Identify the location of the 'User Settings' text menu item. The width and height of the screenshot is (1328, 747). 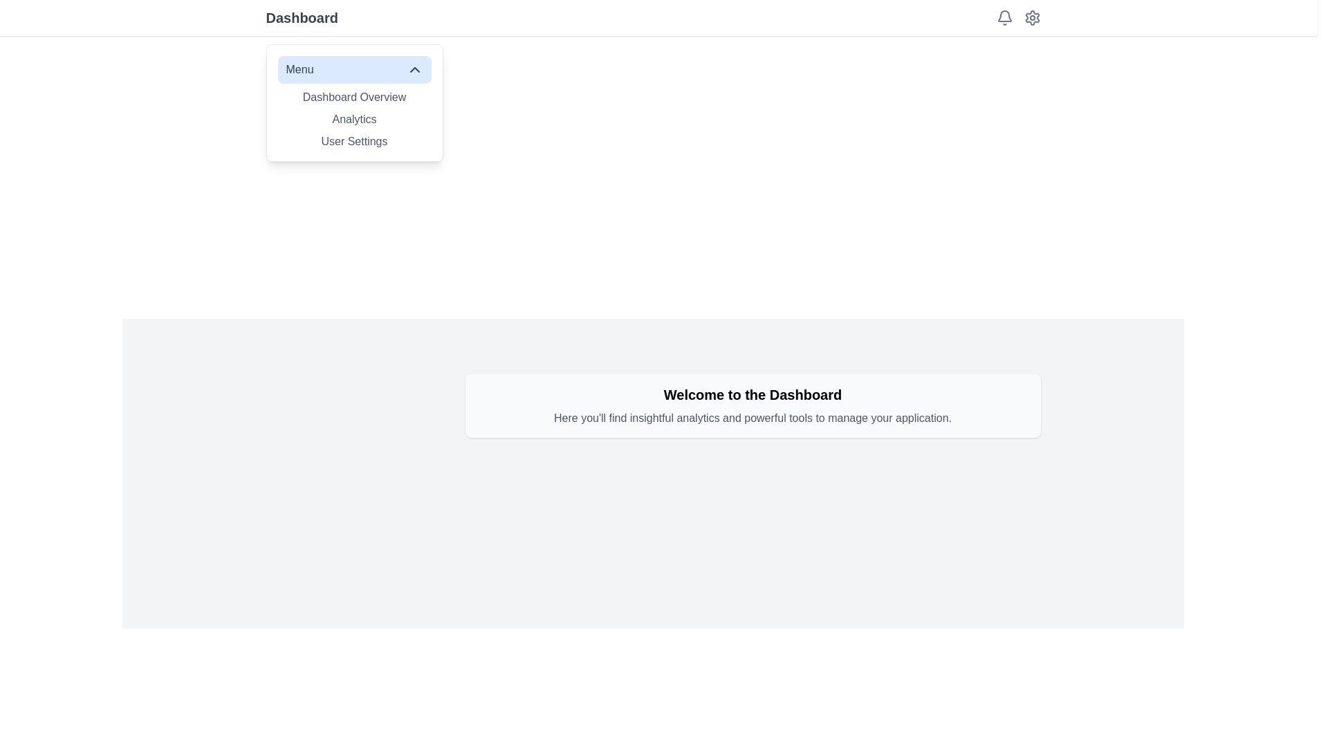
(354, 141).